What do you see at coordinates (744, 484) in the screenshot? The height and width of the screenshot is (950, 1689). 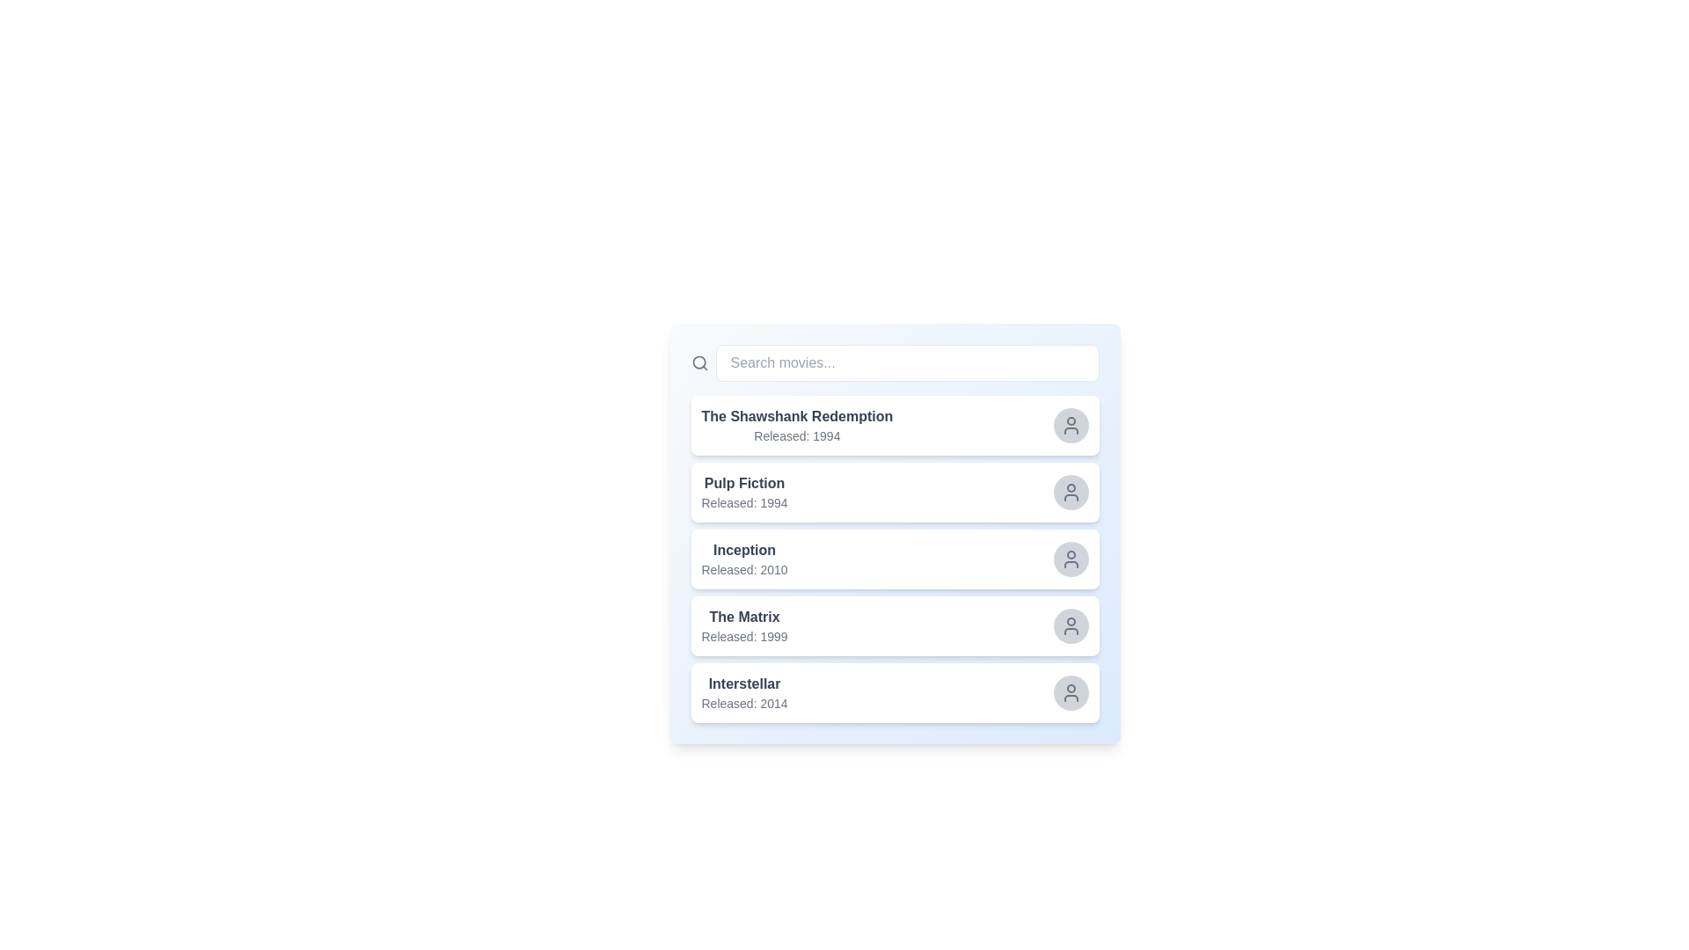 I see `the text label 'Pulp Fiction', which is displayed prominently in bold gray above the subtext 'Released: 1994', positioned second from the top in a list of movie titles` at bounding box center [744, 484].